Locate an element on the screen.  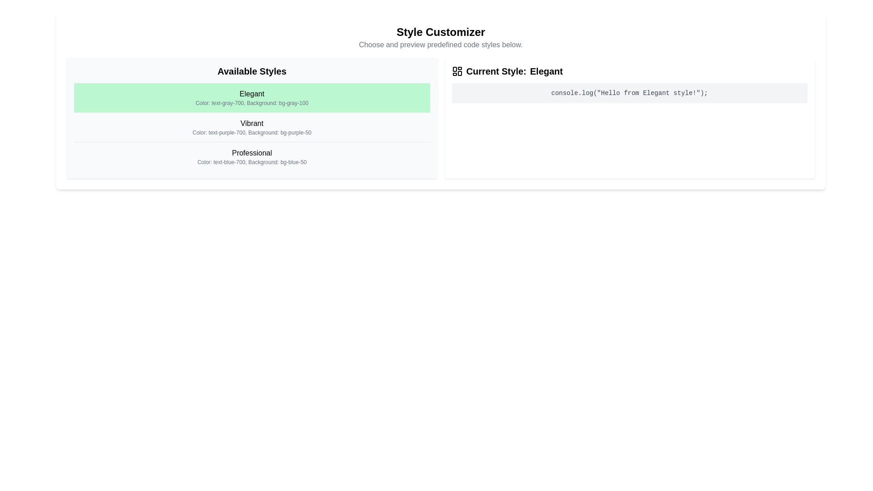
the text label 'Vibrant' which serves as the title for the style option, located in the second style option under the 'Available Styles' section is located at coordinates (252, 124).